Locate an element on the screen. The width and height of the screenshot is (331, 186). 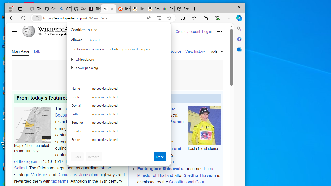
'Remove' is located at coordinates (94, 156).